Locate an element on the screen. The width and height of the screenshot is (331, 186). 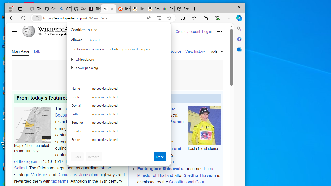
'Remove' is located at coordinates (94, 156).